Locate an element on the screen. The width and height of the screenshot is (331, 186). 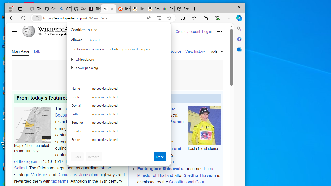
'Remove' is located at coordinates (94, 156).